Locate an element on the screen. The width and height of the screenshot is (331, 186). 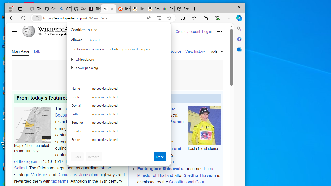
'Remove' is located at coordinates (94, 156).